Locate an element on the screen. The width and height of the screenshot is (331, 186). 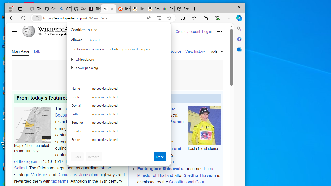
'Remove' is located at coordinates (94, 156).